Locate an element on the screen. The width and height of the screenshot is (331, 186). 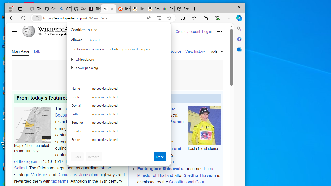
'Remove' is located at coordinates (94, 156).